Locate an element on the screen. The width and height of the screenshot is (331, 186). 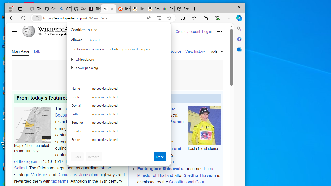
'Remove' is located at coordinates (94, 156).